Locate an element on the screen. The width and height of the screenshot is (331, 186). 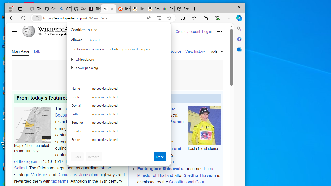
'Remove' is located at coordinates (94, 156).